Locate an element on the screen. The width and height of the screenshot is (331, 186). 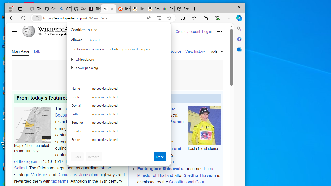
'Remove' is located at coordinates (94, 156).